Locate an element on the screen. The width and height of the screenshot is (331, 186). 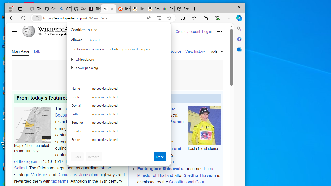
'Remove' is located at coordinates (94, 156).